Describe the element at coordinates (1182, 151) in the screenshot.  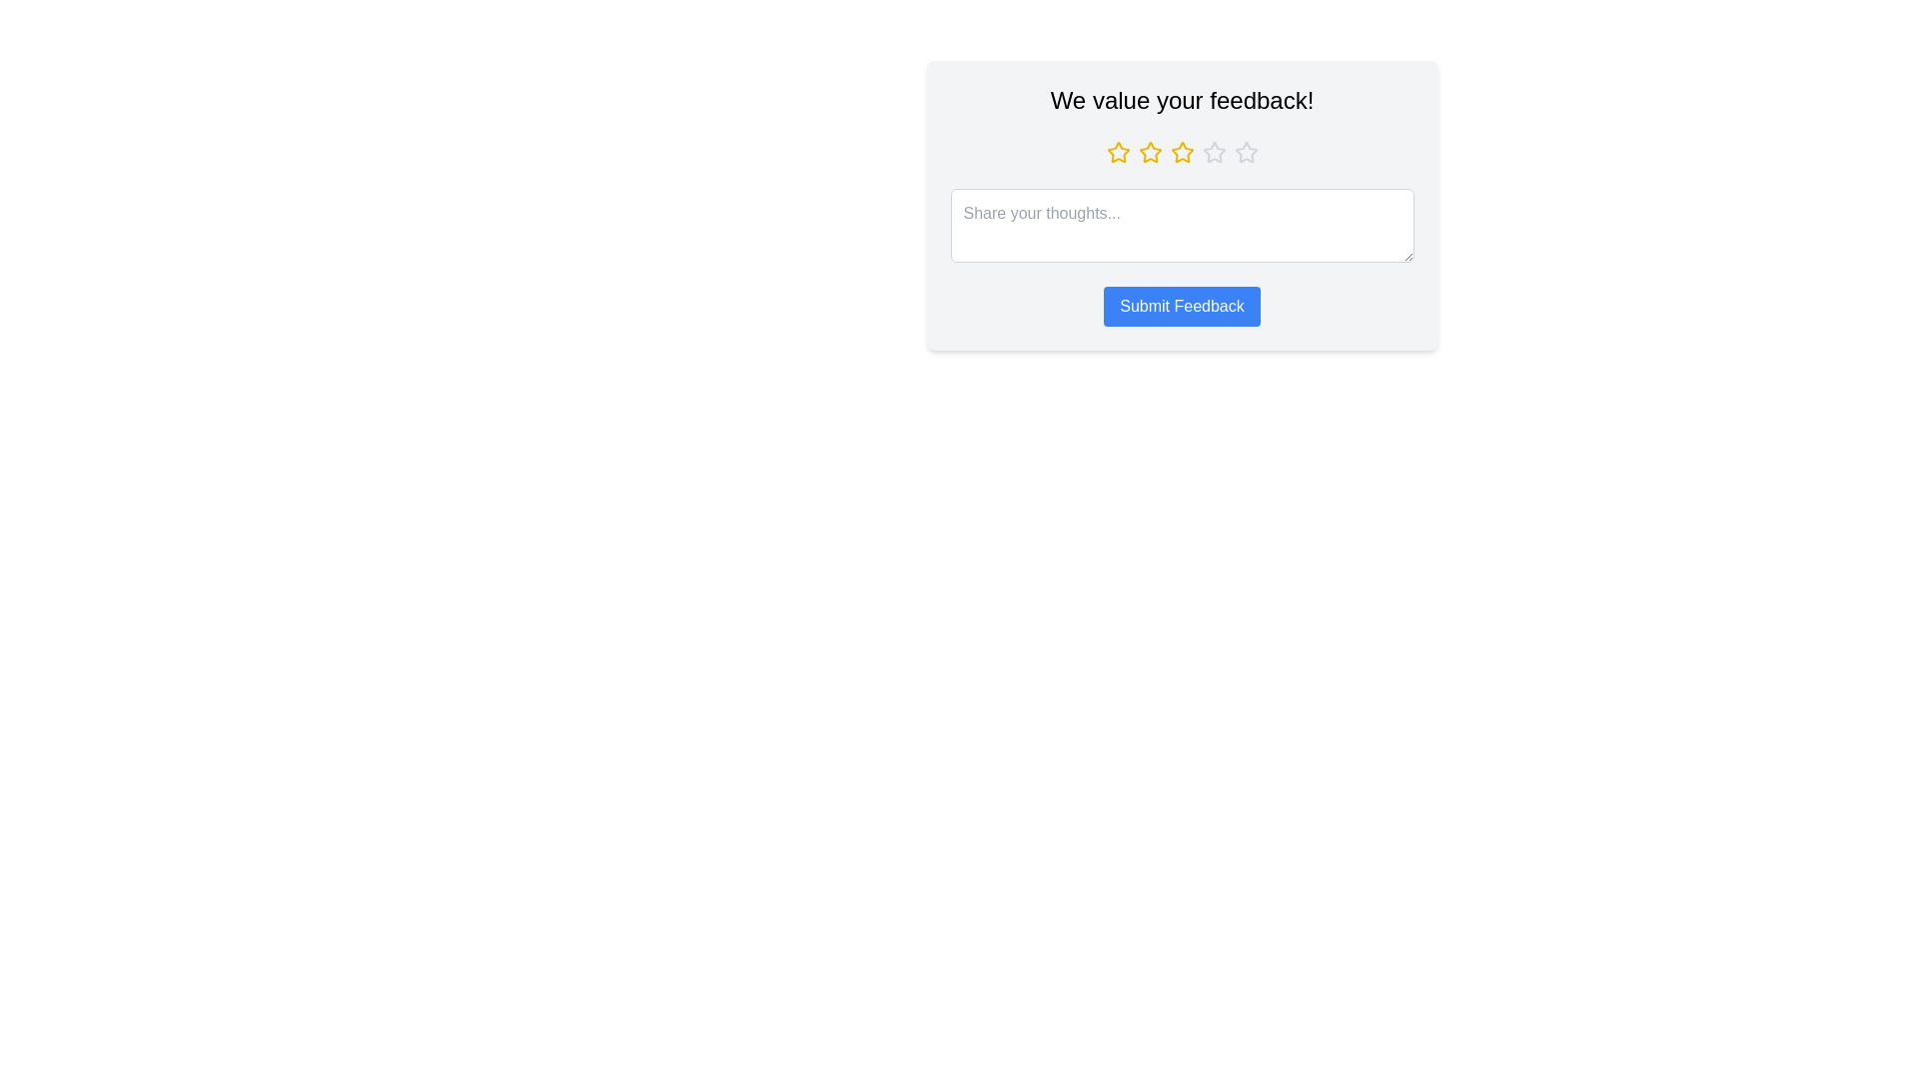
I see `the third star icon in the 5-star rating system` at that location.